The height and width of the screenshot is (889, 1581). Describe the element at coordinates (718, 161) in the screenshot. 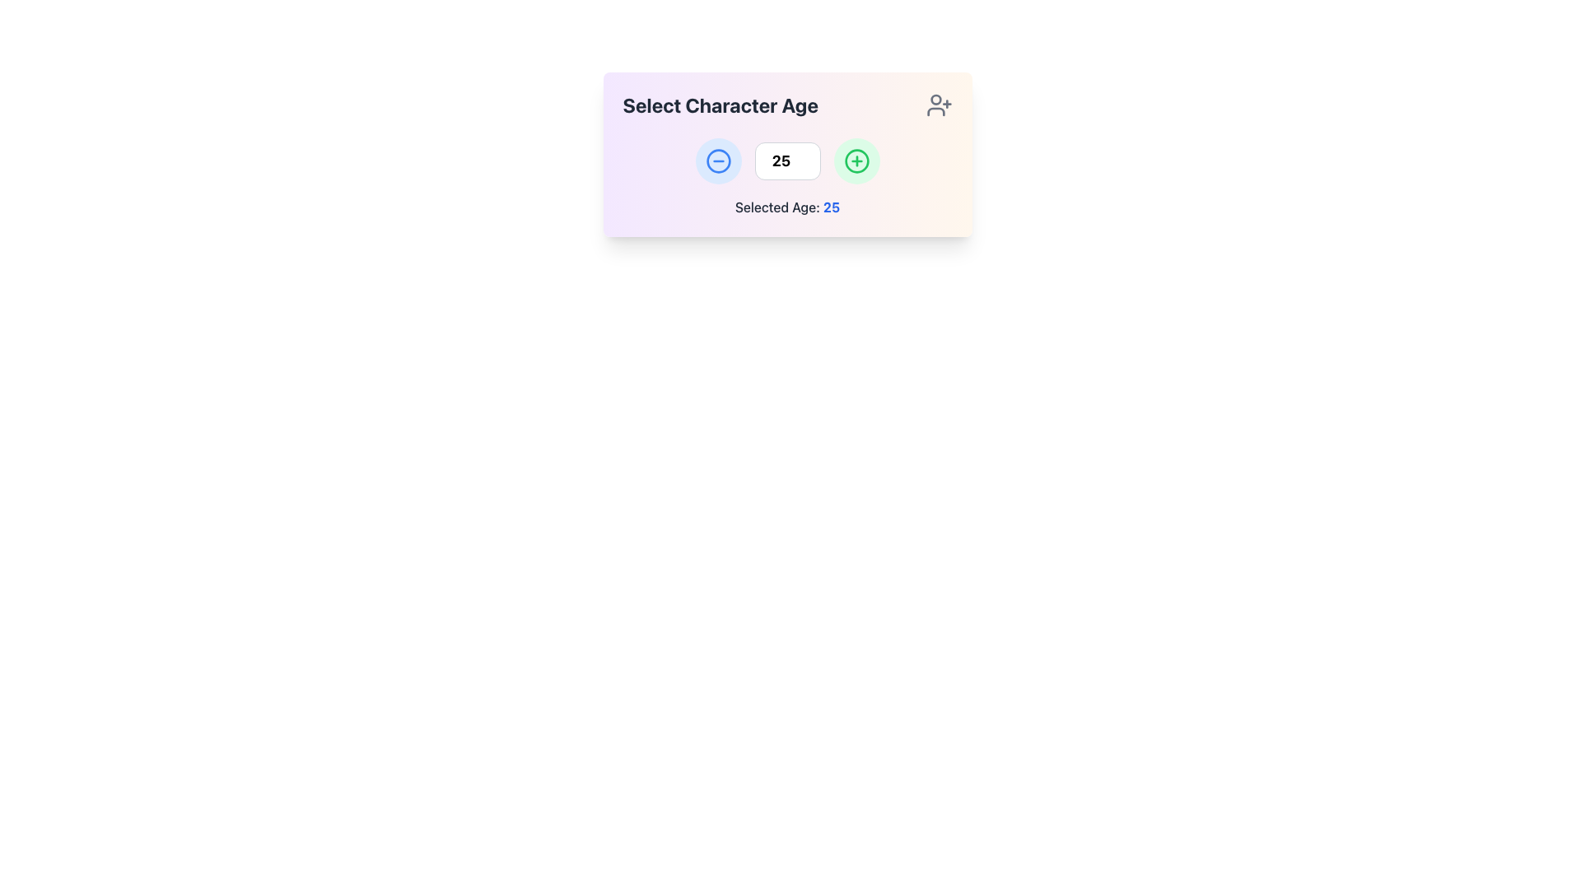

I see `the decrement button located to the left of the numerical input field in the 'Select Character Age' card for accessibility purposes` at that location.